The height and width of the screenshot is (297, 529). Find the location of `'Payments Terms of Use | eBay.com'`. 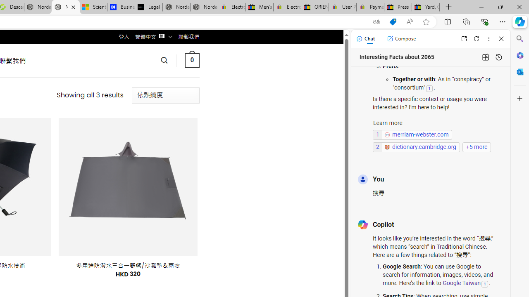

'Payments Terms of Use | eBay.com' is located at coordinates (370, 7).